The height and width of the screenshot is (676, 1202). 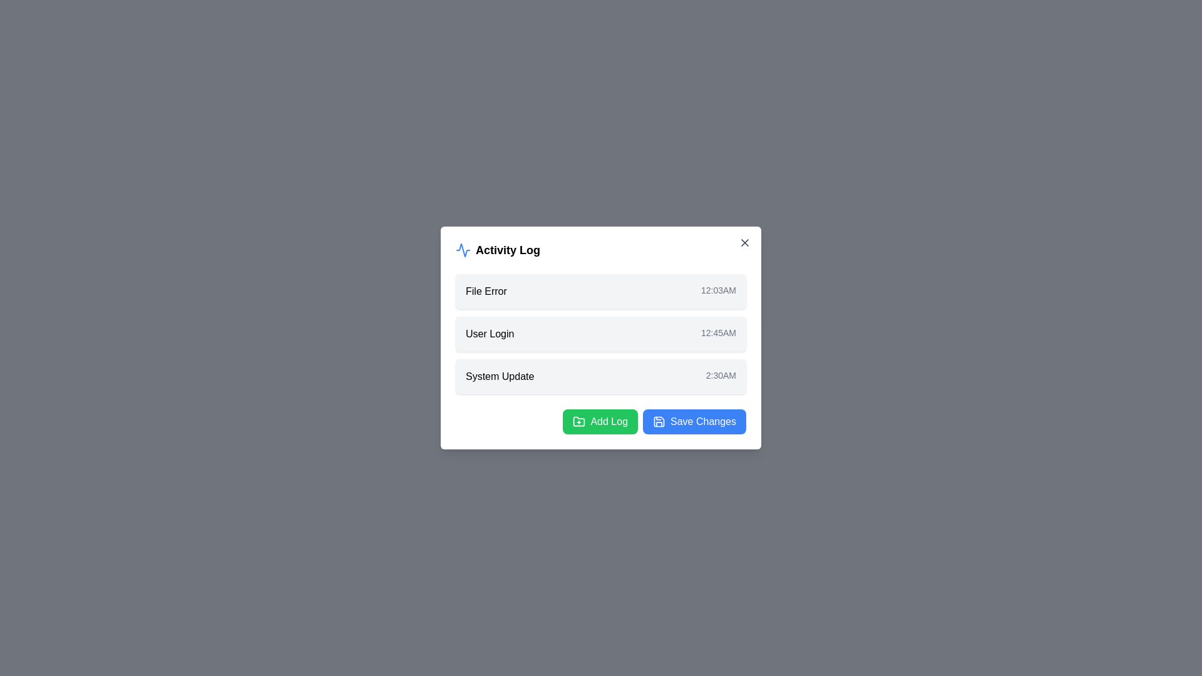 I want to click on the close button of the modal to close it, so click(x=745, y=243).